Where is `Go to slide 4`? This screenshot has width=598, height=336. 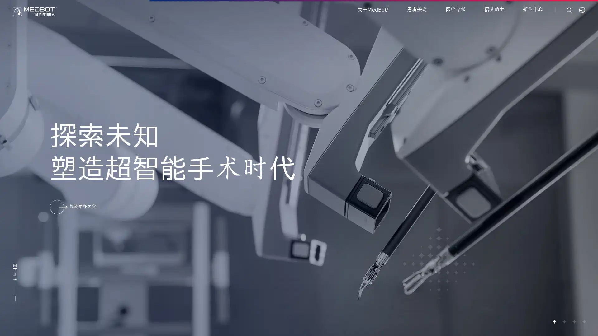
Go to slide 4 is located at coordinates (584, 321).